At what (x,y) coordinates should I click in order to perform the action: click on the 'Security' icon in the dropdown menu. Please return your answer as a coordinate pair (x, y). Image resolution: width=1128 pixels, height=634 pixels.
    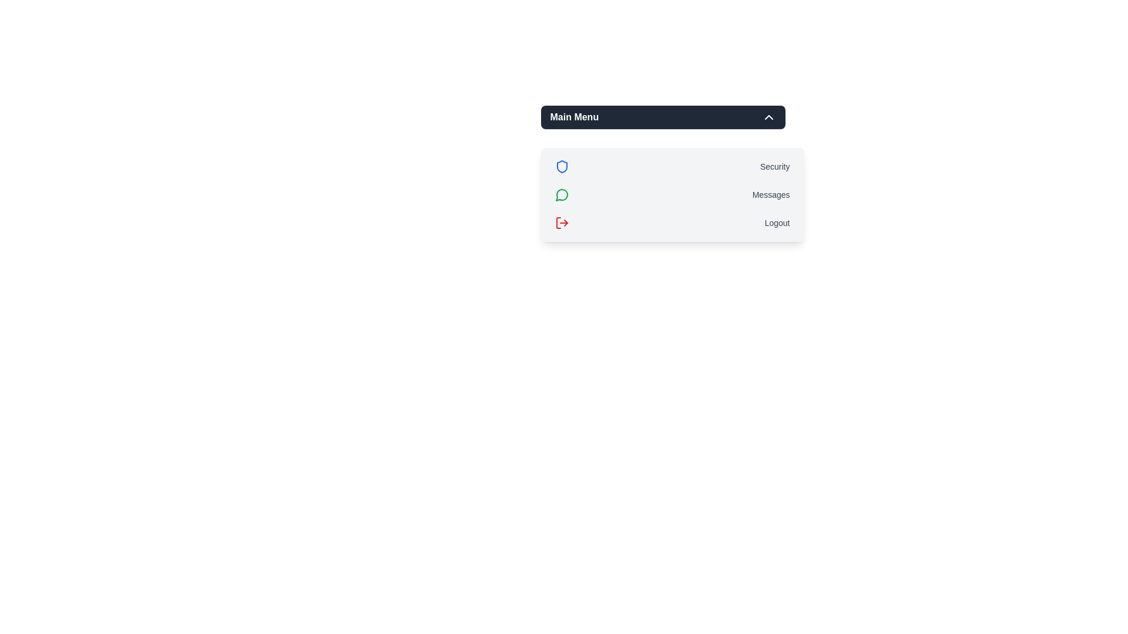
    Looking at the image, I should click on (561, 167).